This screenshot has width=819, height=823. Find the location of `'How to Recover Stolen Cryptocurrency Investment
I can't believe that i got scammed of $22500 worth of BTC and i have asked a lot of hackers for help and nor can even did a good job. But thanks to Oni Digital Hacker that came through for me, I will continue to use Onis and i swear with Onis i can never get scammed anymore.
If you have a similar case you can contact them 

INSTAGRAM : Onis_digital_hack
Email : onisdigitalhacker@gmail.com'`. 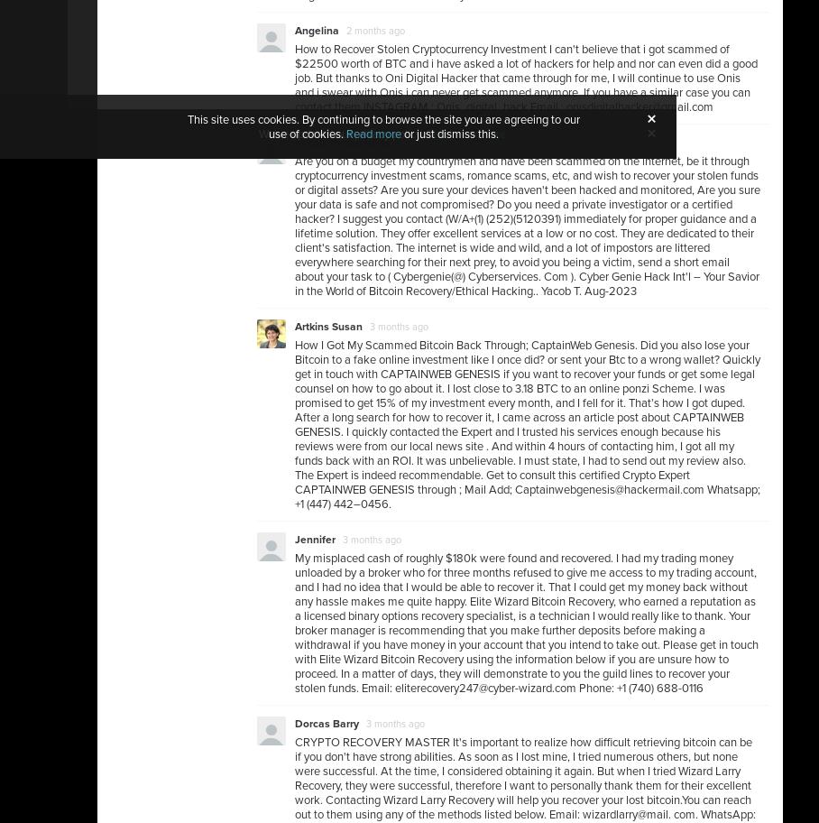

'How to Recover Stolen Cryptocurrency Investment
I can't believe that i got scammed of $22500 worth of BTC and i have asked a lot of hackers for help and nor can even did a good job. But thanks to Oni Digital Hacker that came through for me, I will continue to use Onis and i swear with Onis i can never get scammed anymore.
If you have a similar case you can contact them 

INSTAGRAM : Onis_digital_hack
Email : onisdigitalhacker@gmail.com' is located at coordinates (526, 79).